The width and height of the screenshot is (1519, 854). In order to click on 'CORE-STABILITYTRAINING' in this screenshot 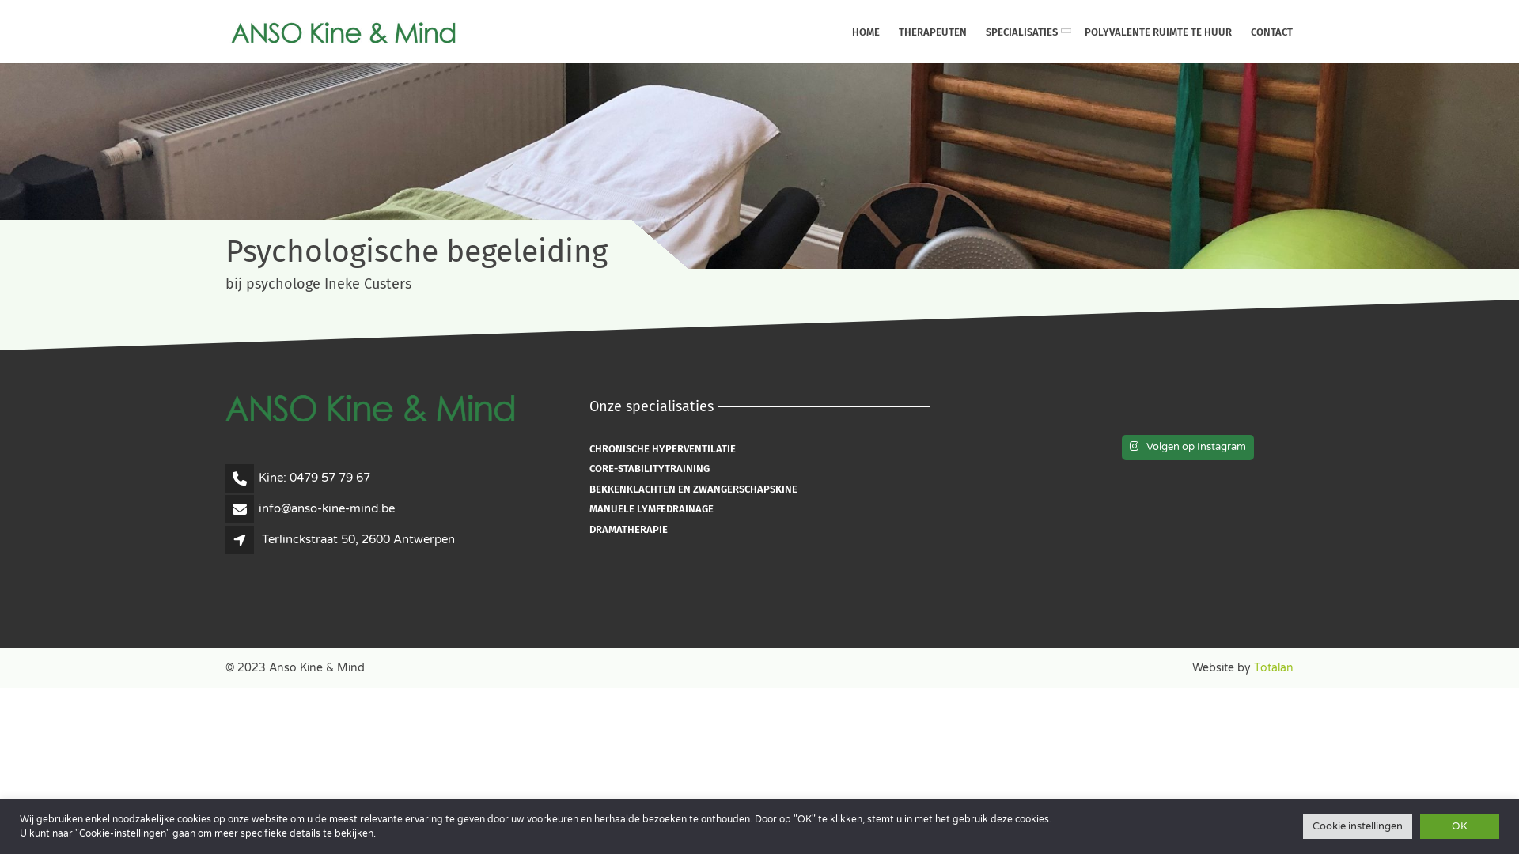, I will do `click(649, 468)`.